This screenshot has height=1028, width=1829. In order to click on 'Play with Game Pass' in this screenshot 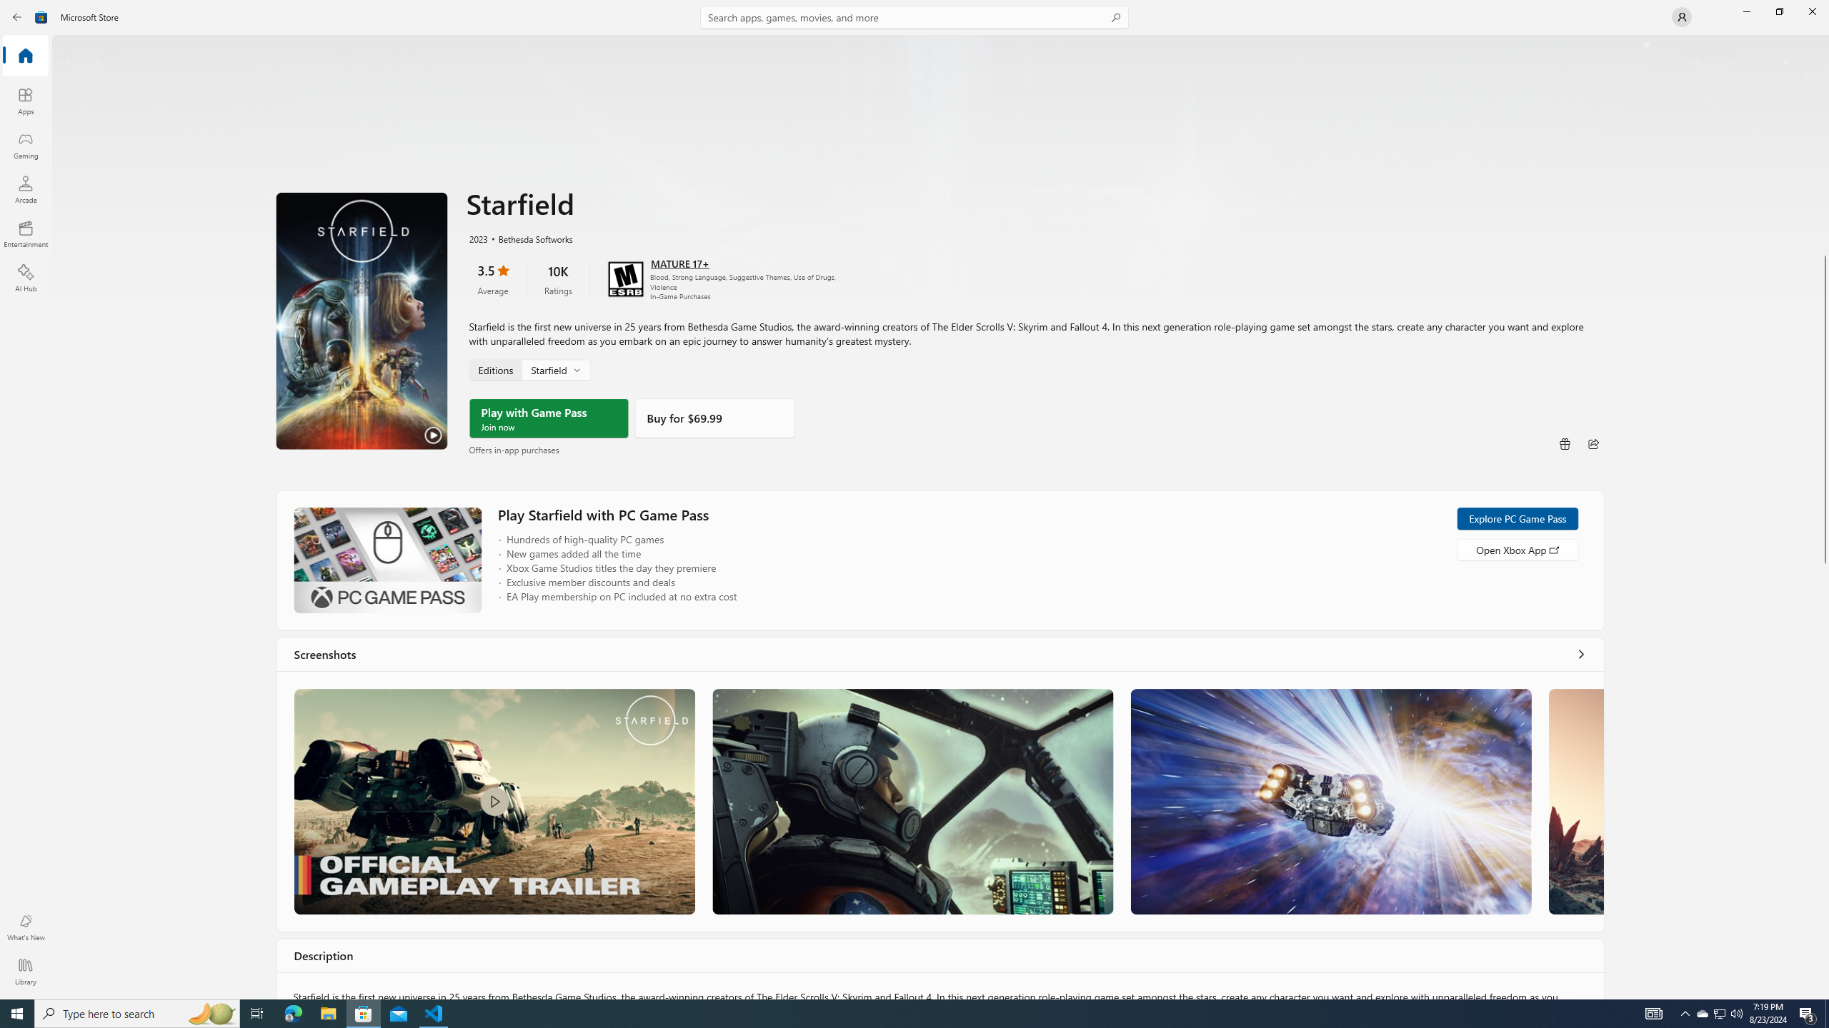, I will do `click(548, 418)`.